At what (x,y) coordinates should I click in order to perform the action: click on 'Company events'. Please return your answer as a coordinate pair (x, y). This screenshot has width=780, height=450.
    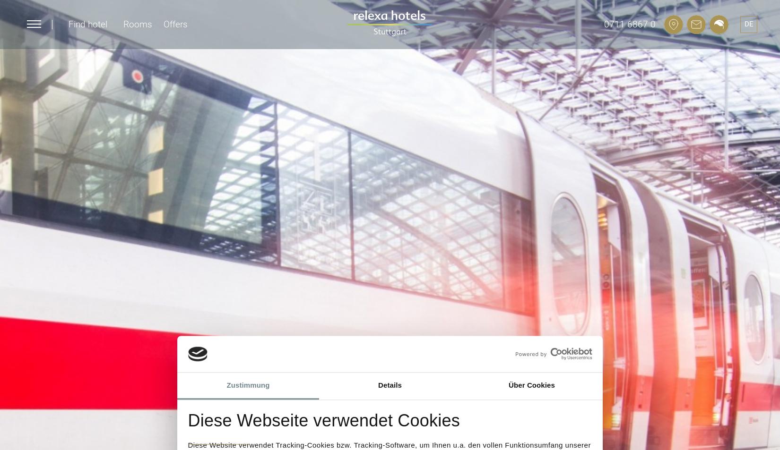
    Looking at the image, I should click on (515, 98).